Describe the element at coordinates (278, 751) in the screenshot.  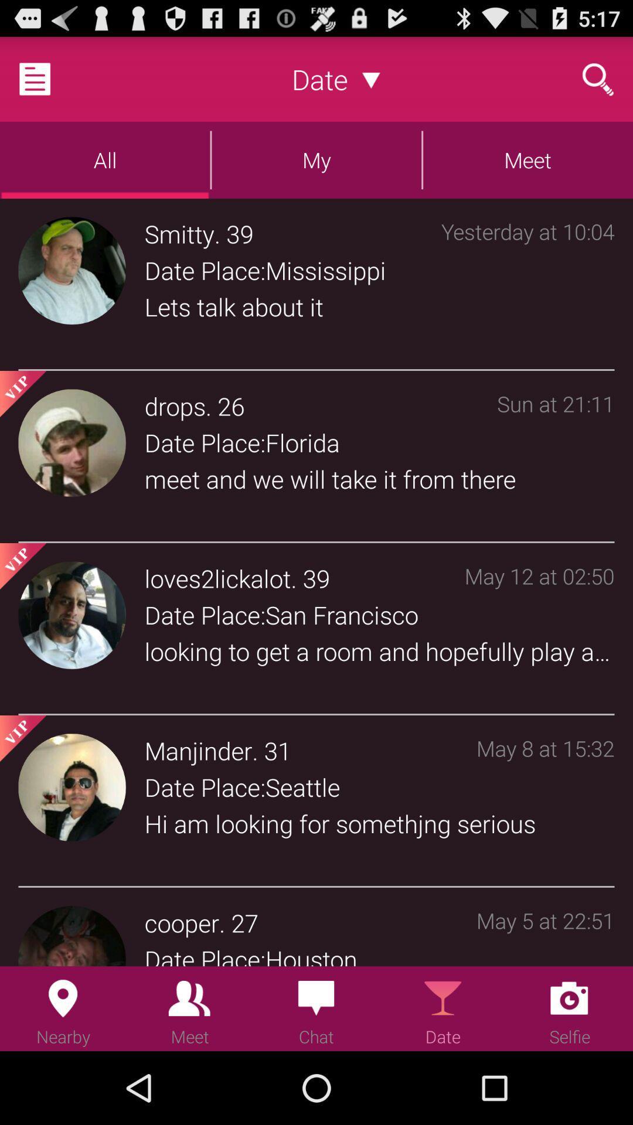
I see `app to the left of may 8 at app` at that location.